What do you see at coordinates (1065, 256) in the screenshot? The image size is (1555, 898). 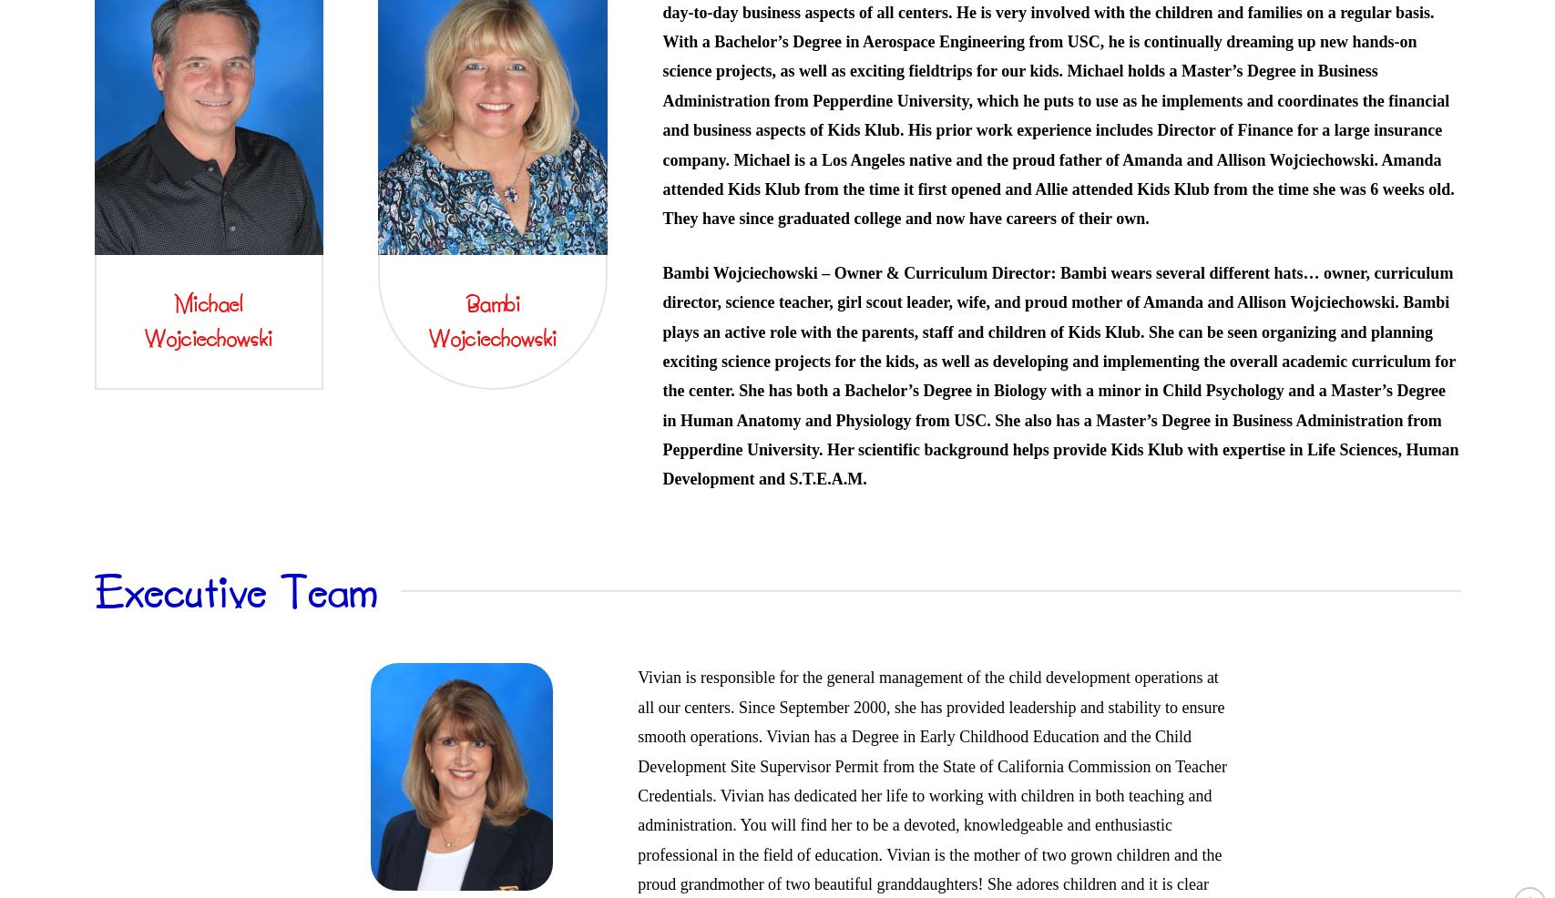 I see `'School Age Activities'` at bounding box center [1065, 256].